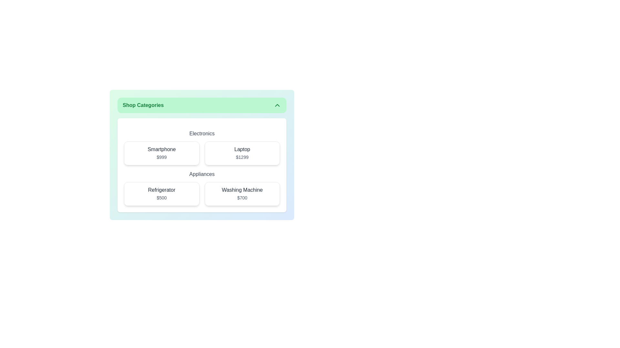 This screenshot has height=348, width=620. Describe the element at coordinates (161, 193) in the screenshot. I see `on the 'Refrigerator' card, which is the first item in the grid under the 'Appliances' section` at that location.